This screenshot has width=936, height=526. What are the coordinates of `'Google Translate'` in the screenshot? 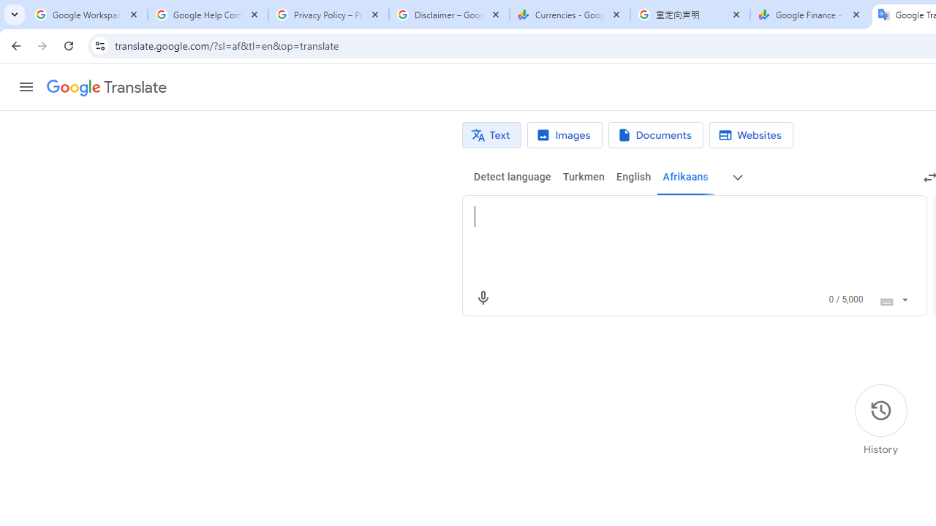 It's located at (105, 88).